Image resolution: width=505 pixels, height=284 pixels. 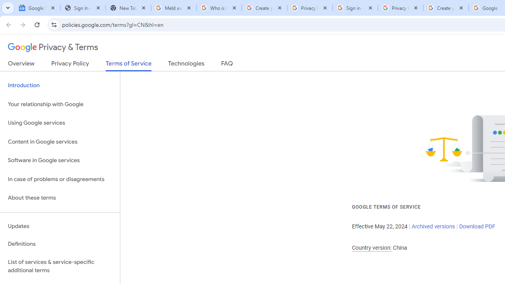 I want to click on 'New Tab', so click(x=128, y=8).